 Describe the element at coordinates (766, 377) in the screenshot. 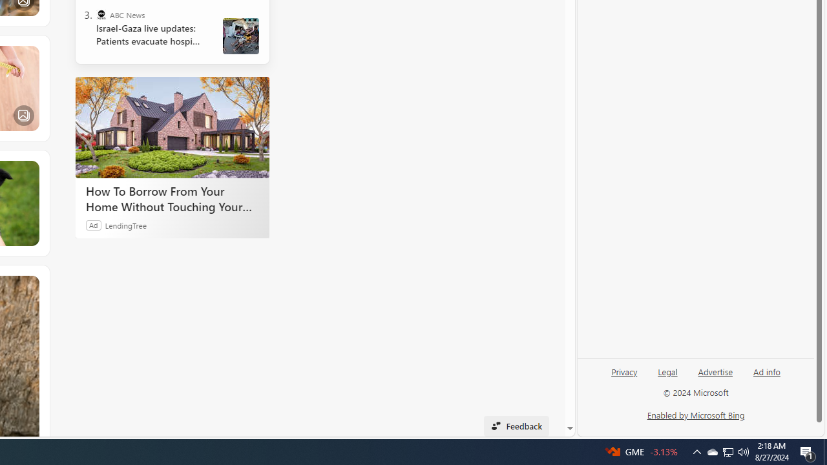

I see `'Ad info'` at that location.